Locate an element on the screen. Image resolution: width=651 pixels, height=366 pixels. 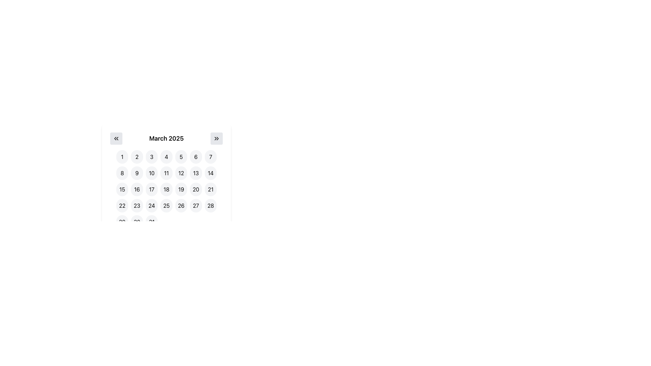
the circular button labeled '22' is located at coordinates (122, 205).